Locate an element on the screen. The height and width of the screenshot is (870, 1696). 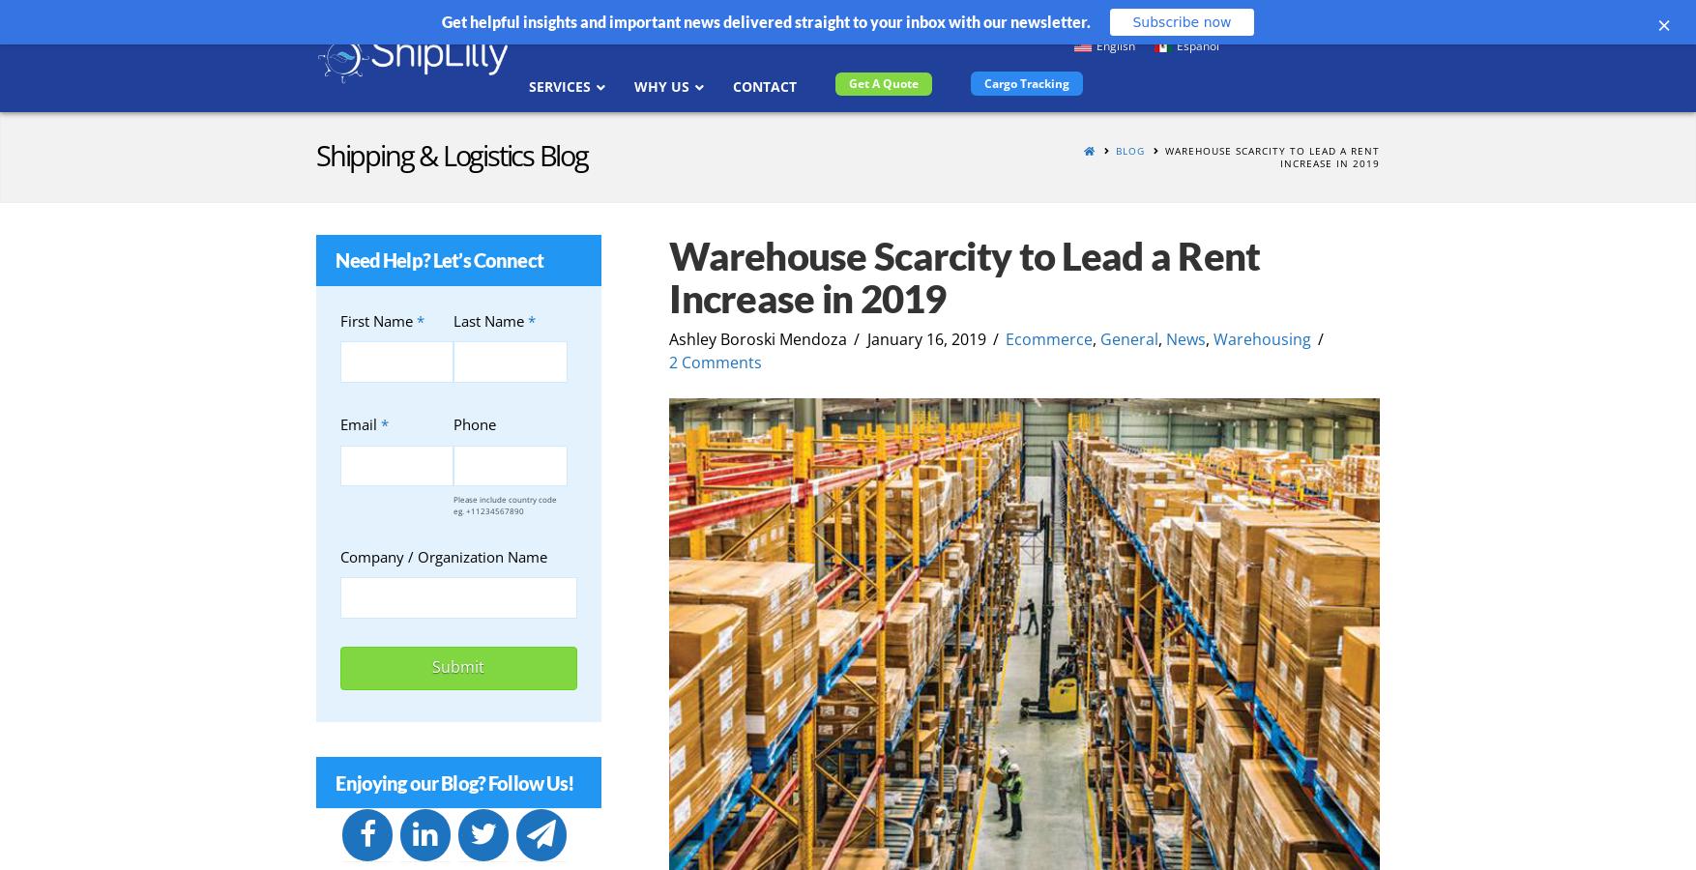
'English' is located at coordinates (1114, 43).